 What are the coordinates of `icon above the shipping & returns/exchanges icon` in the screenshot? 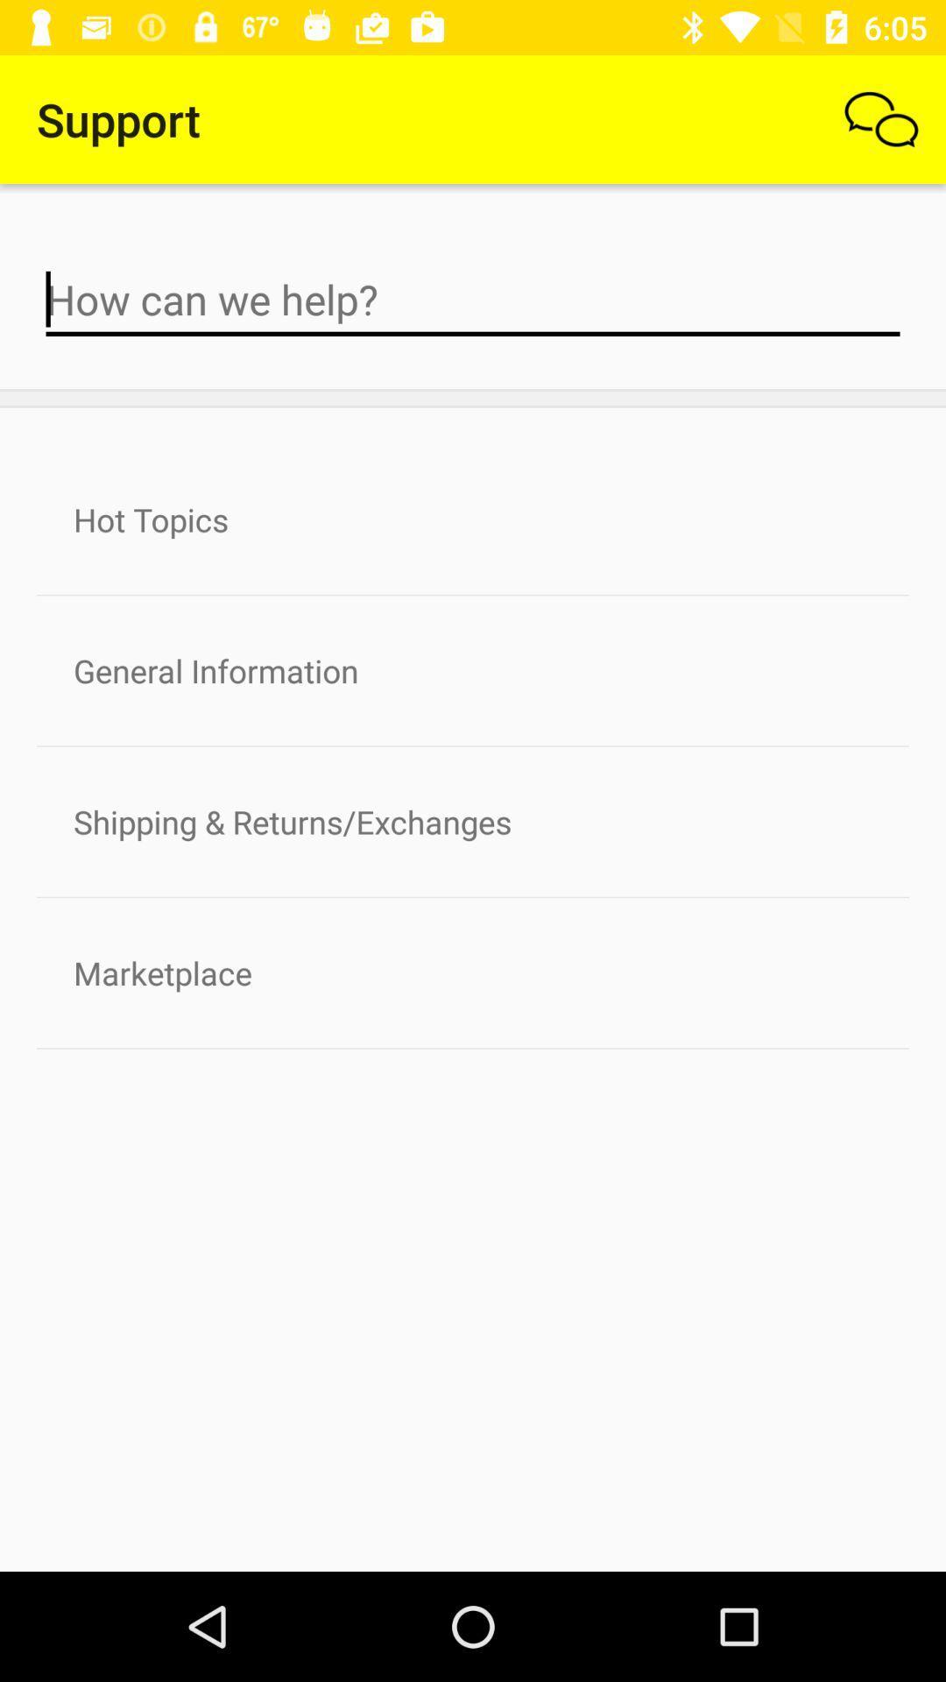 It's located at (473, 669).